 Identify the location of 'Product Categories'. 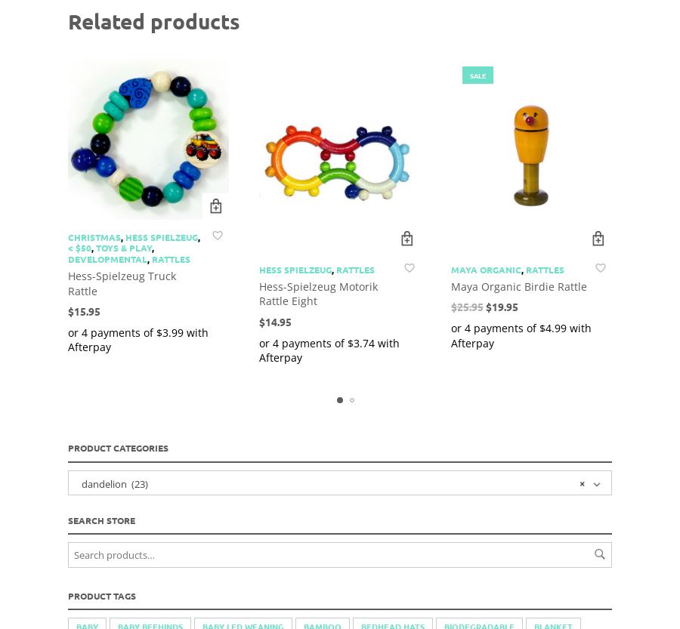
(118, 447).